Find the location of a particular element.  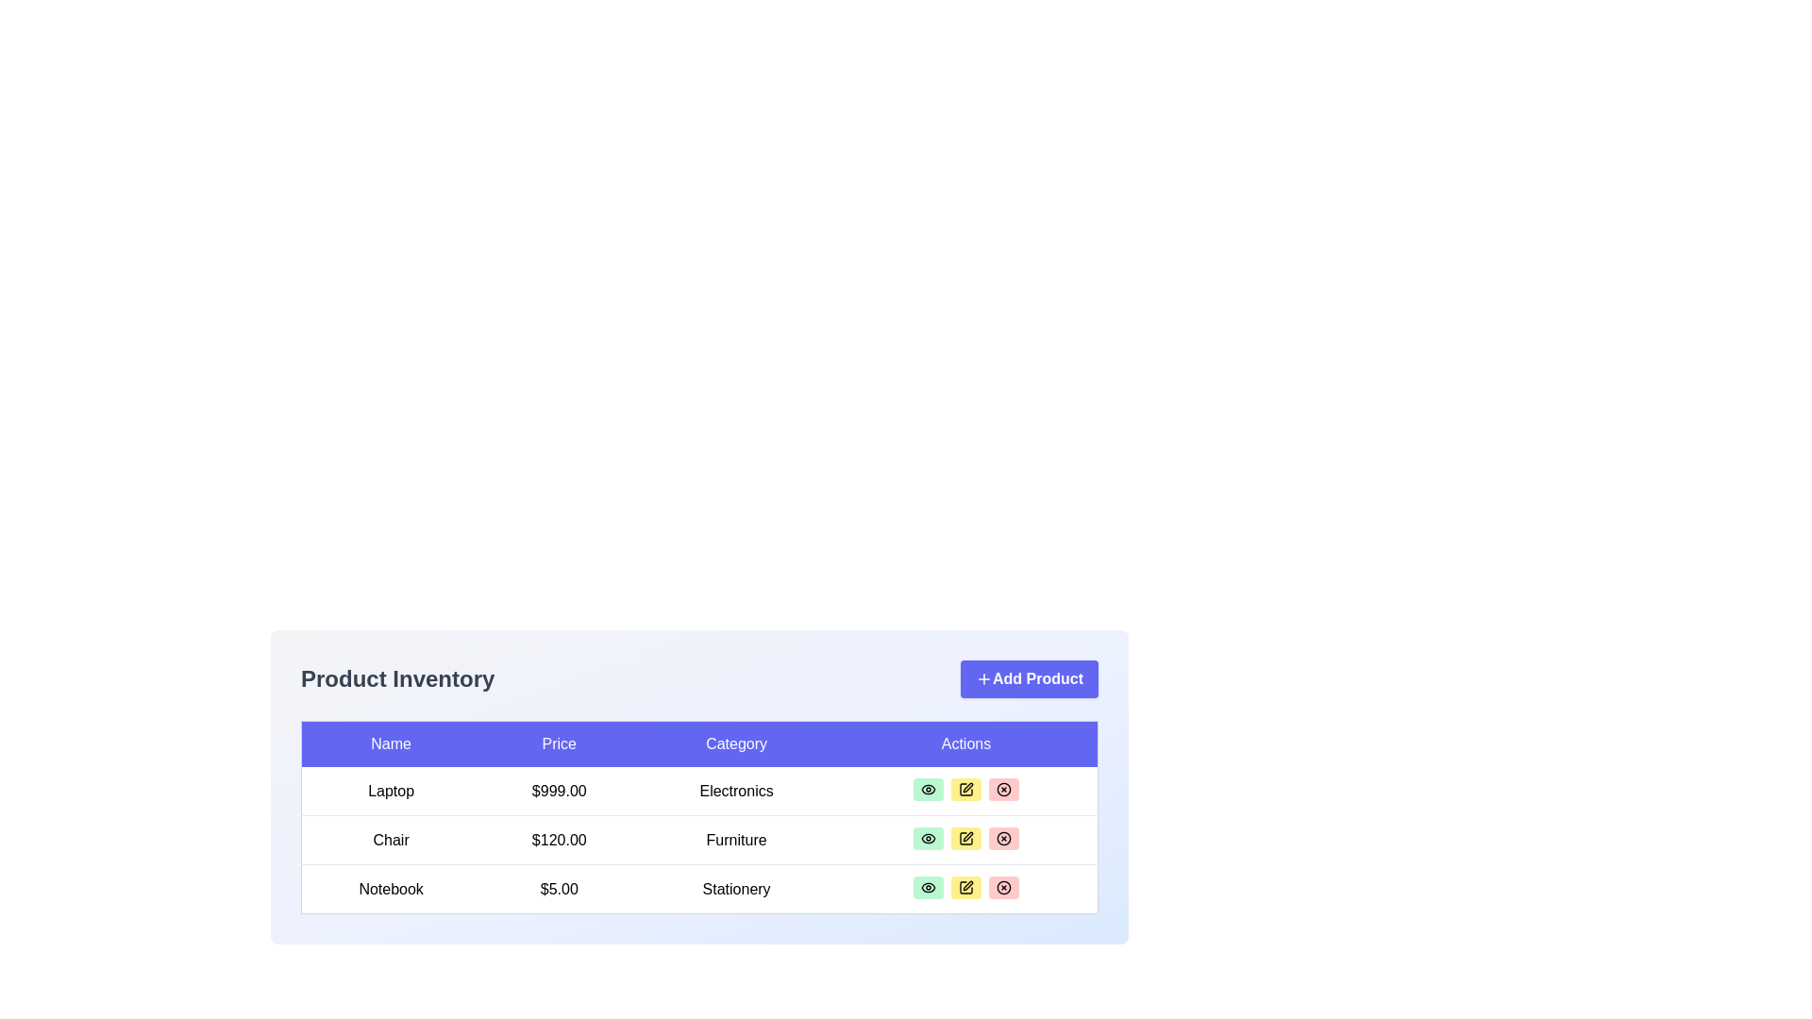

the small red button with a circular black border and a white cross icon is located at coordinates (1002, 790).